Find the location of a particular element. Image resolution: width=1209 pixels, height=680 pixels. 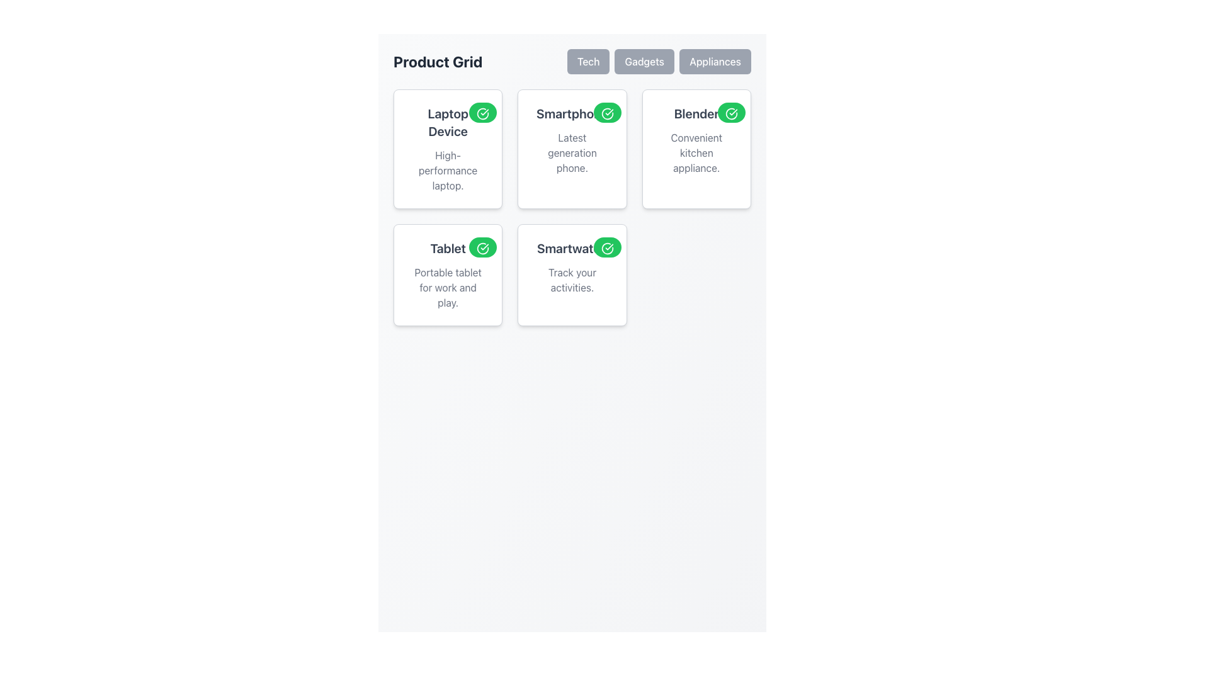

the circular green status indicator with a white checkmark located in the top-right corner of the 'Tablet' card is located at coordinates (482, 247).